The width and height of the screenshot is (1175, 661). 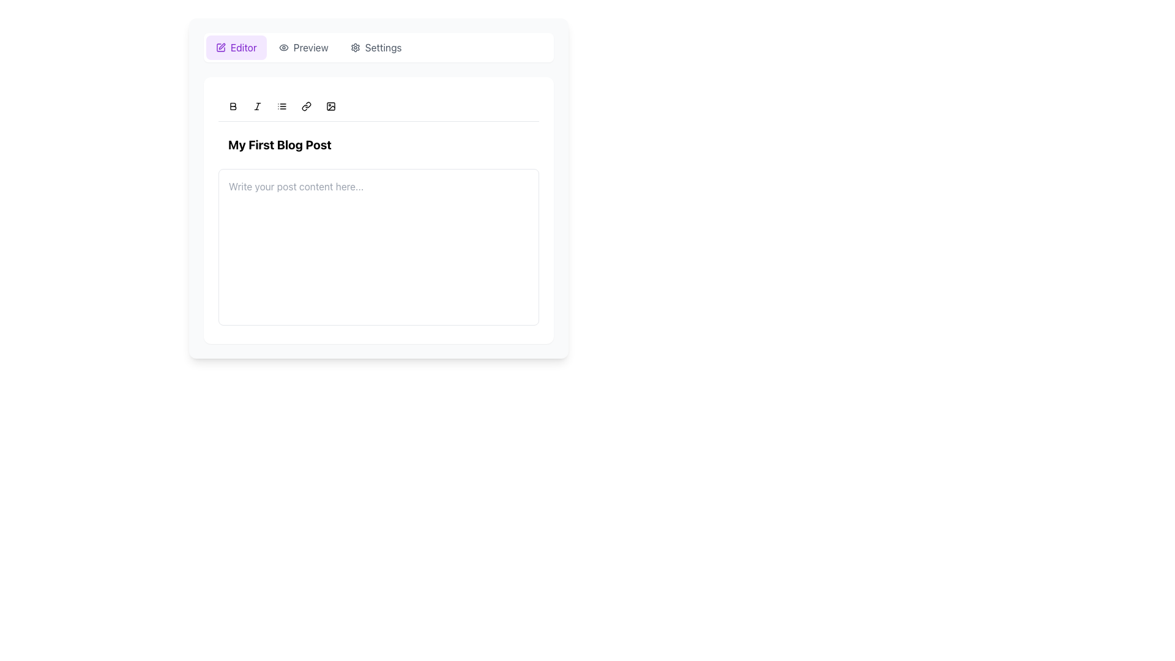 What do you see at coordinates (354, 47) in the screenshot?
I see `the 'Settings' icon located in the top-right section of the interface` at bounding box center [354, 47].